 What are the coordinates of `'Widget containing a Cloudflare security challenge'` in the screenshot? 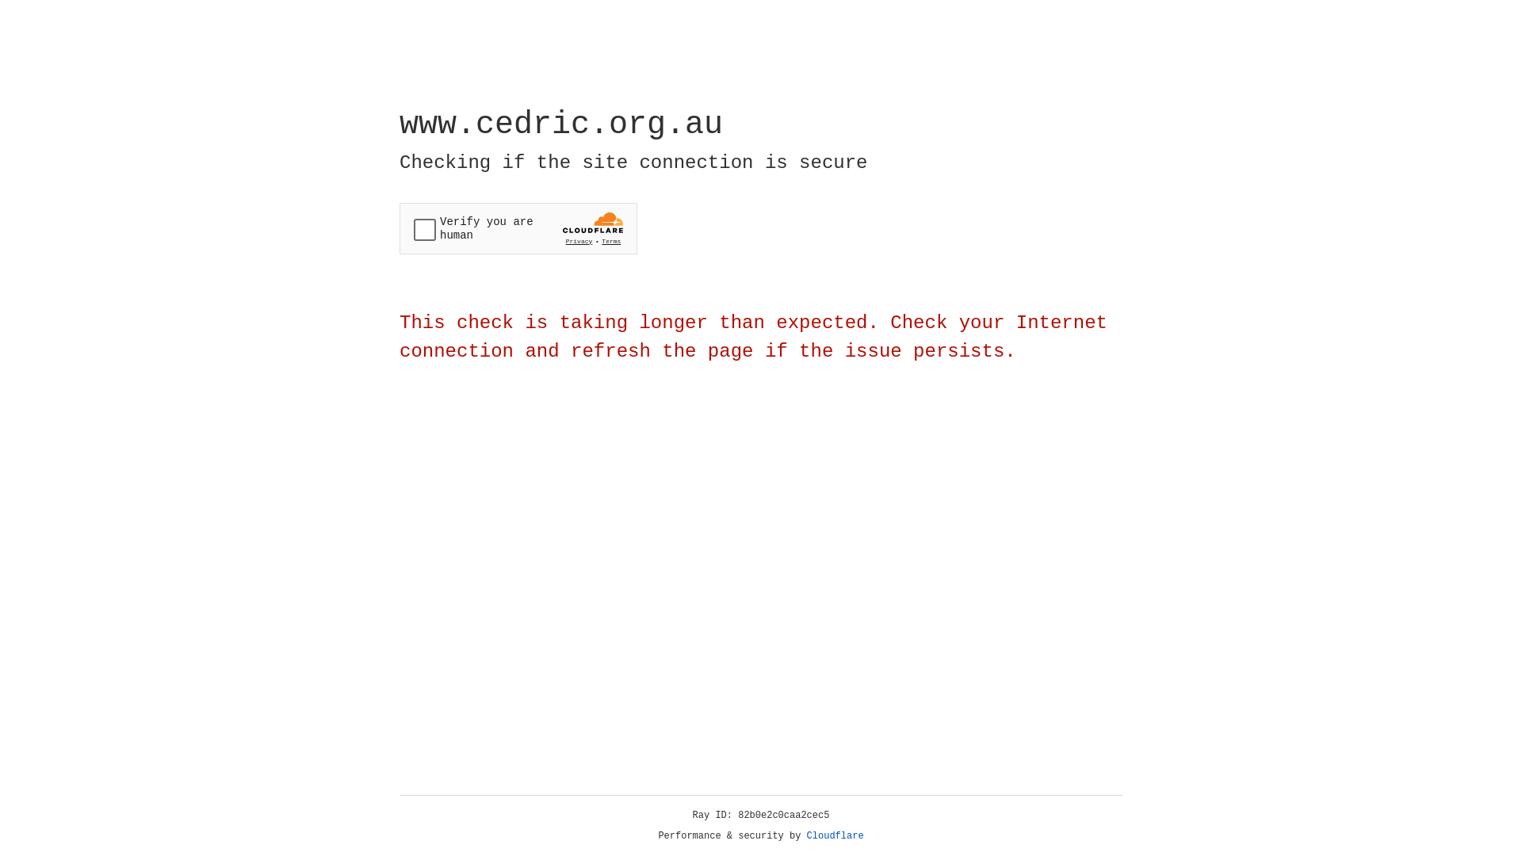 It's located at (518, 228).